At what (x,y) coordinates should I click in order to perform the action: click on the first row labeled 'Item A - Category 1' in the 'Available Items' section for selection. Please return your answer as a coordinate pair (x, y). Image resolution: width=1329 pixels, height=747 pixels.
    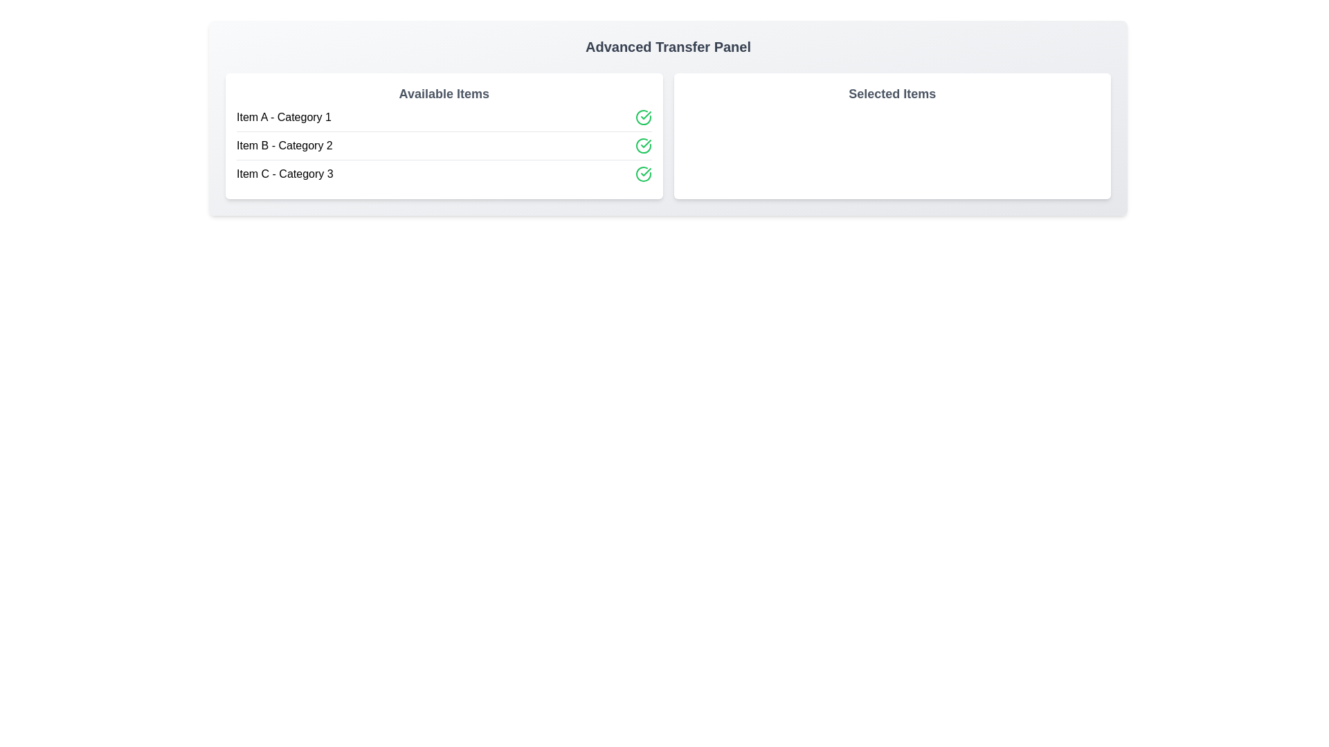
    Looking at the image, I should click on (444, 116).